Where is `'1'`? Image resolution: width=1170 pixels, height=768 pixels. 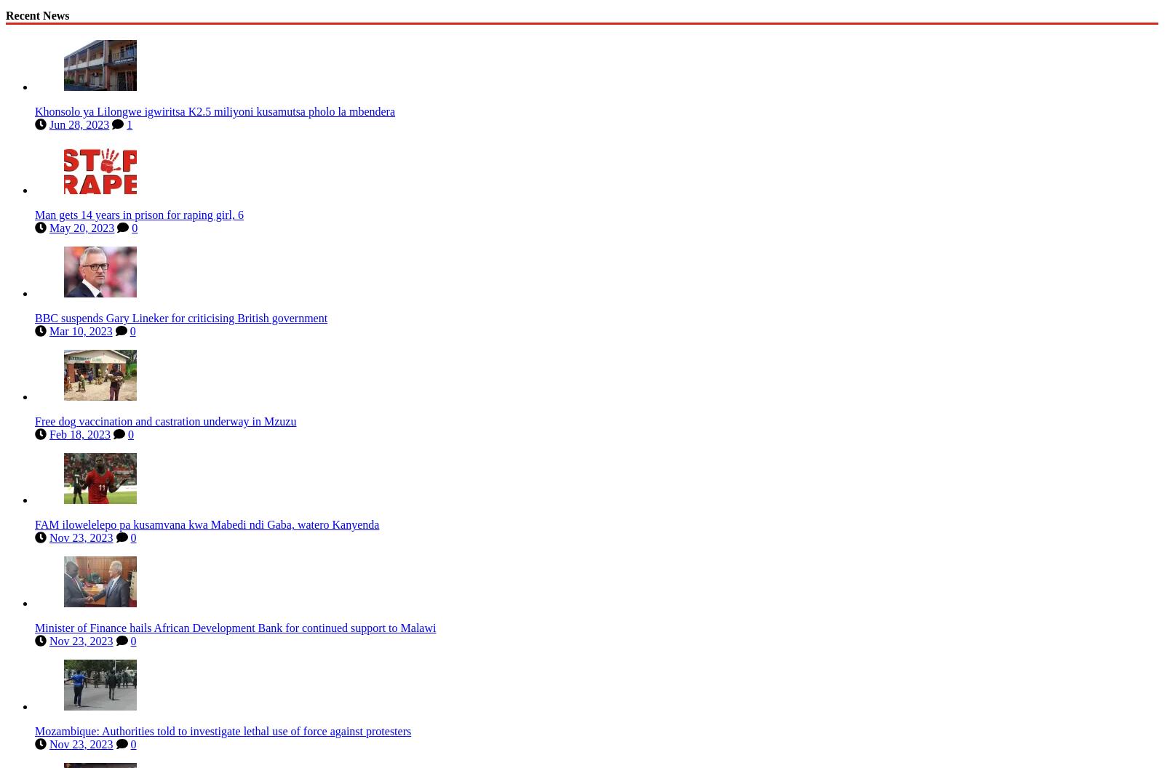
'1' is located at coordinates (129, 121).